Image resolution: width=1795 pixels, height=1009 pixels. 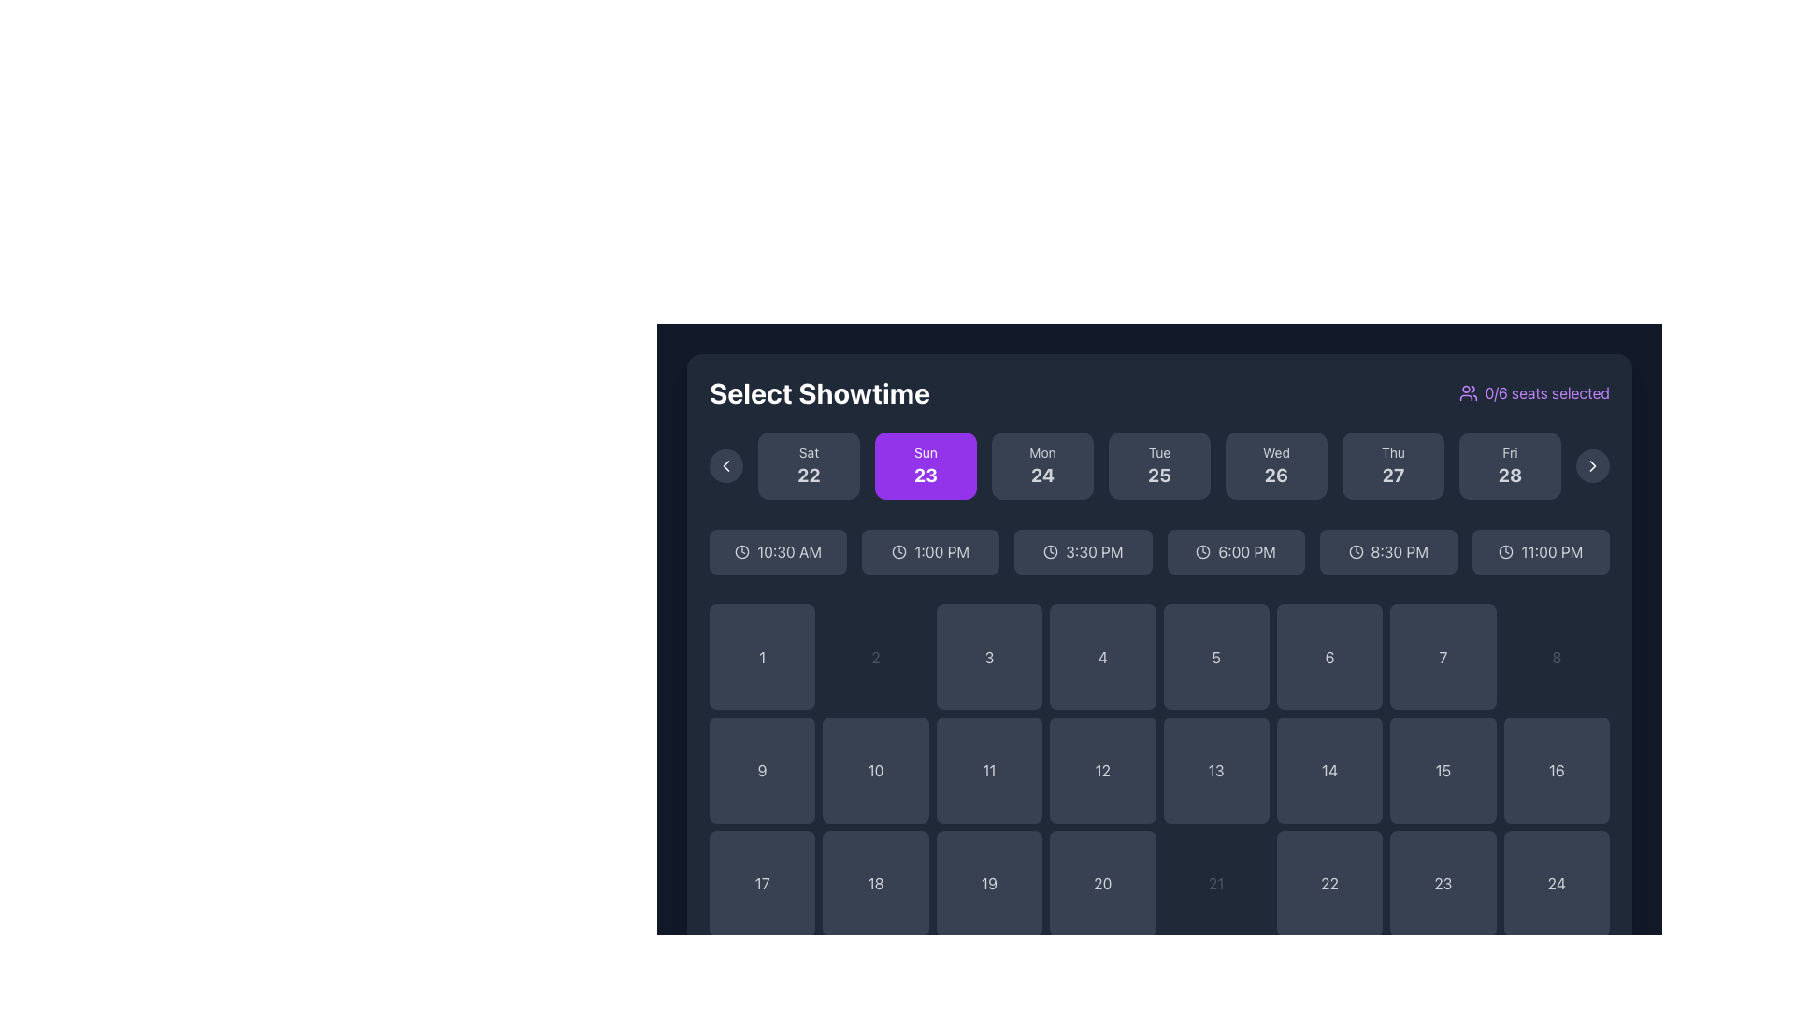 What do you see at coordinates (1102, 771) in the screenshot?
I see `the square-shaped button with a dark gray background and the centered white text '12'` at bounding box center [1102, 771].